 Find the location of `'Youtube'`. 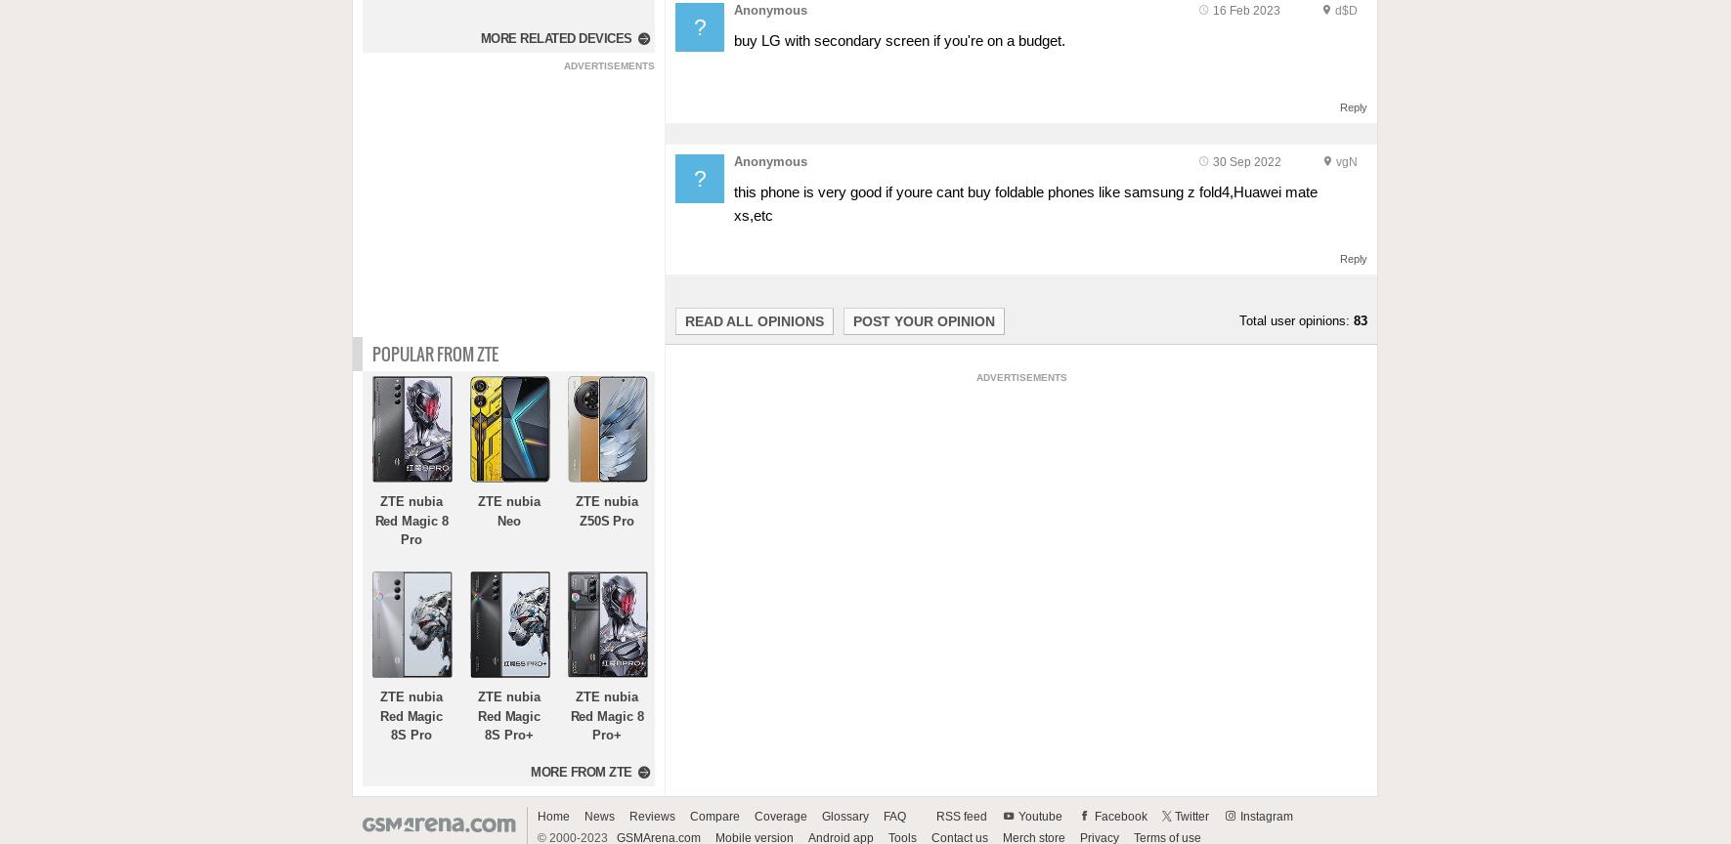

'Youtube' is located at coordinates (1017, 814).